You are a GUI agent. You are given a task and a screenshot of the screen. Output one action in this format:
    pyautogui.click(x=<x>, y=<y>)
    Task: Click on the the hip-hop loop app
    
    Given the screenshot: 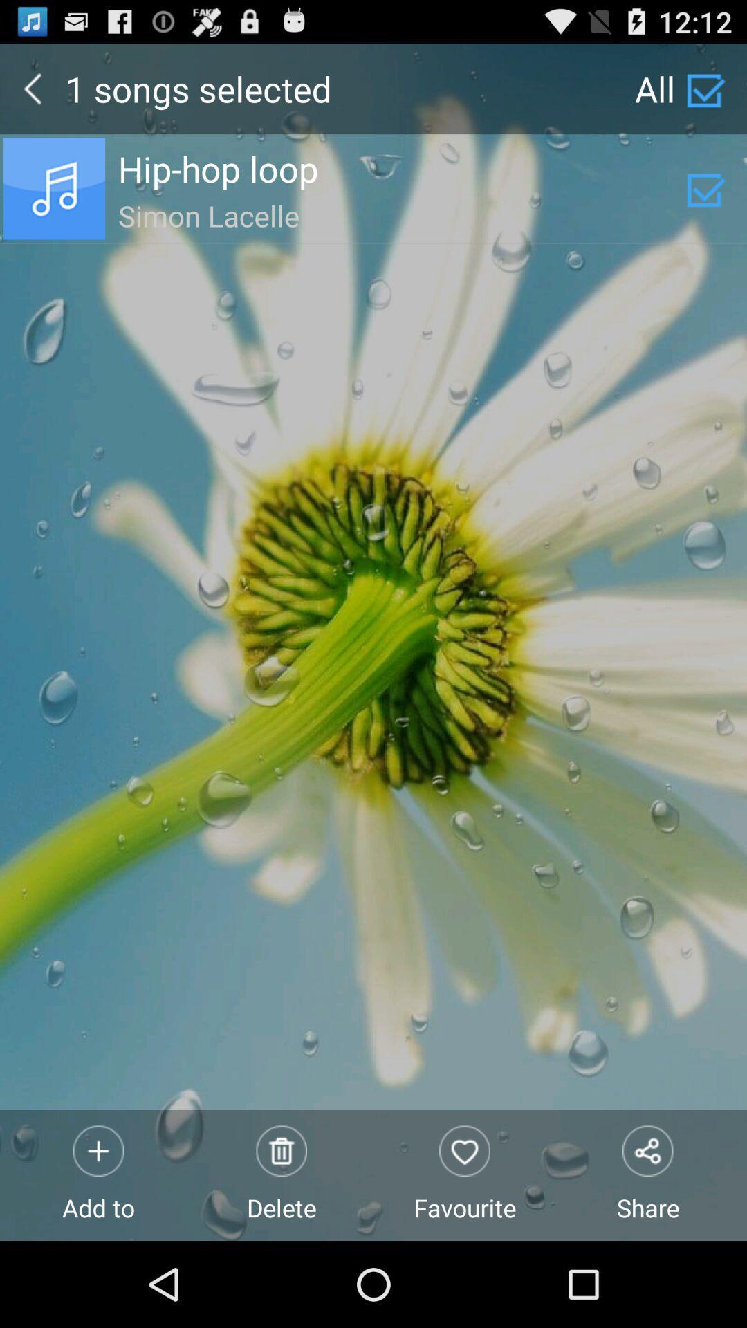 What is the action you would take?
    pyautogui.click(x=402, y=168)
    